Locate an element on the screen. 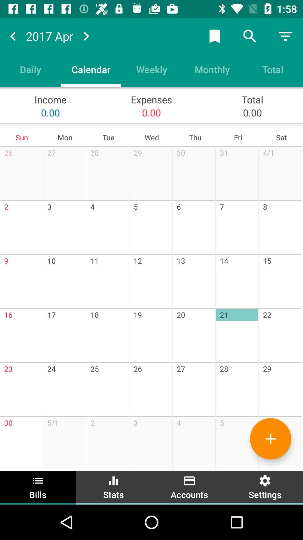 This screenshot has height=540, width=303. the arrow_forward icon is located at coordinates (86, 36).